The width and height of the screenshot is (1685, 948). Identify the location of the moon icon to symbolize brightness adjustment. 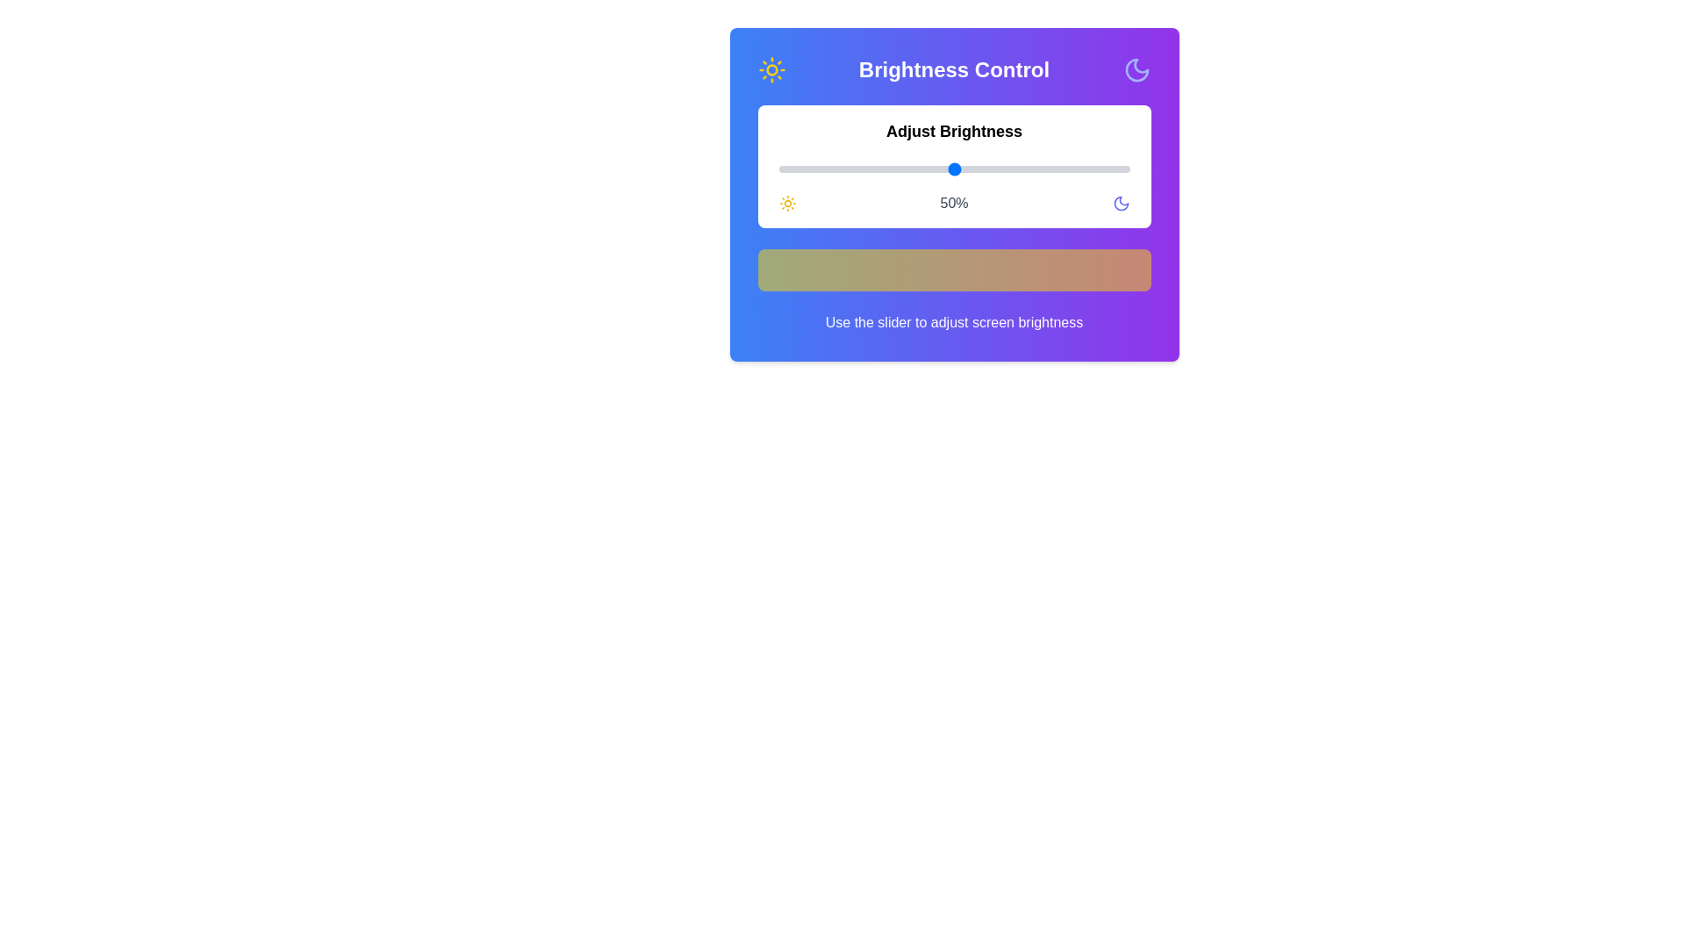
(1136, 69).